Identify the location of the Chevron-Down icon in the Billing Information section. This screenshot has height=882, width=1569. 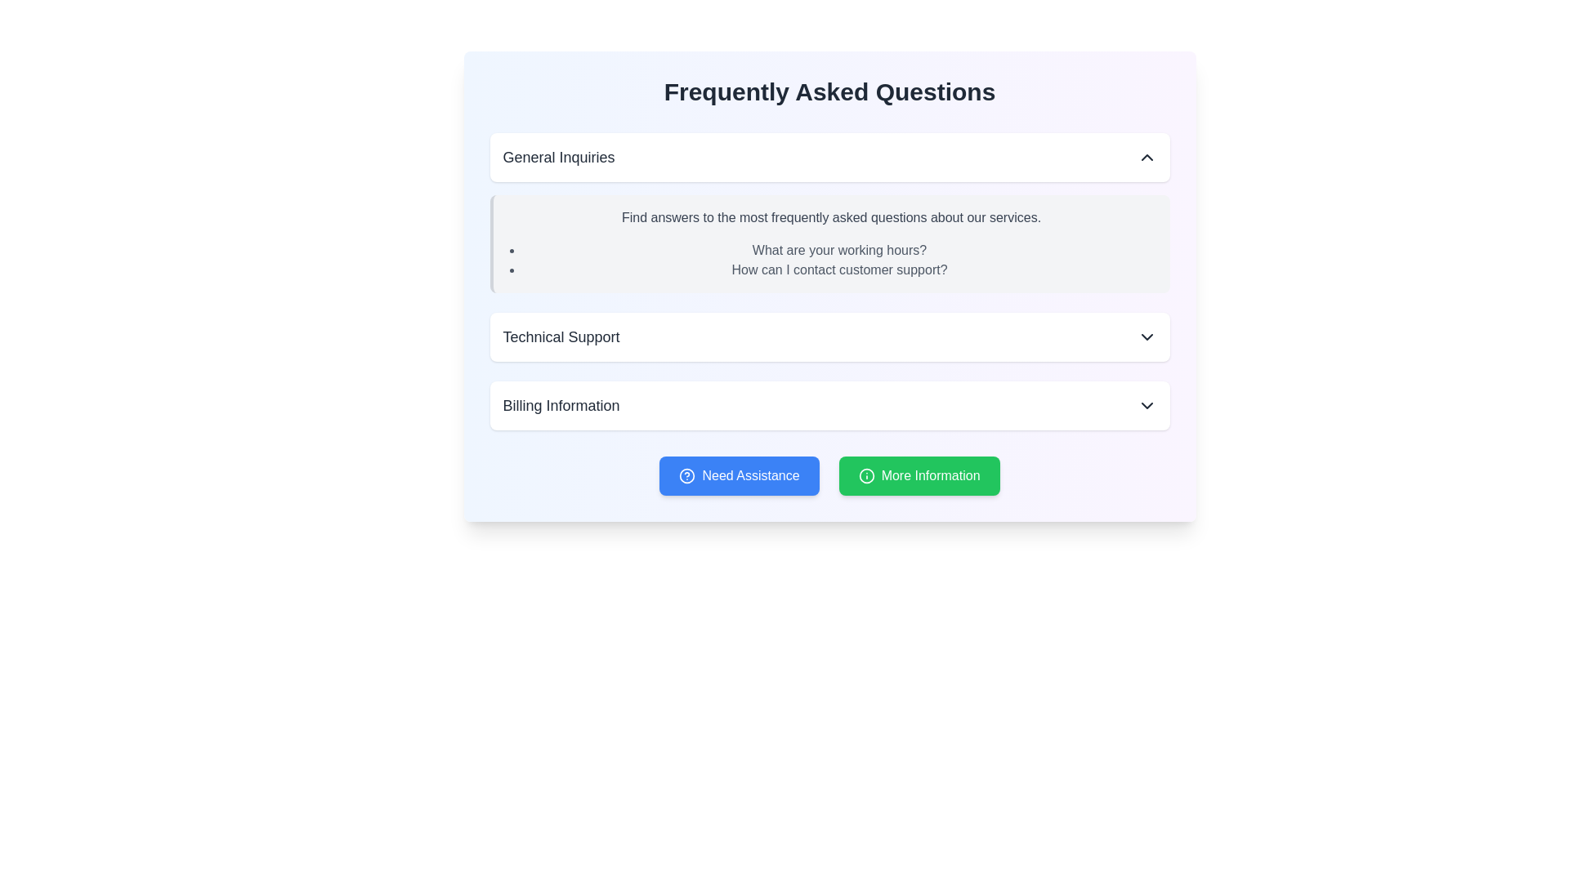
(1146, 405).